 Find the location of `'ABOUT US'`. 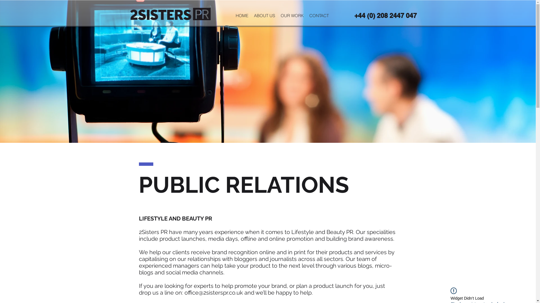

'ABOUT US' is located at coordinates (264, 15).